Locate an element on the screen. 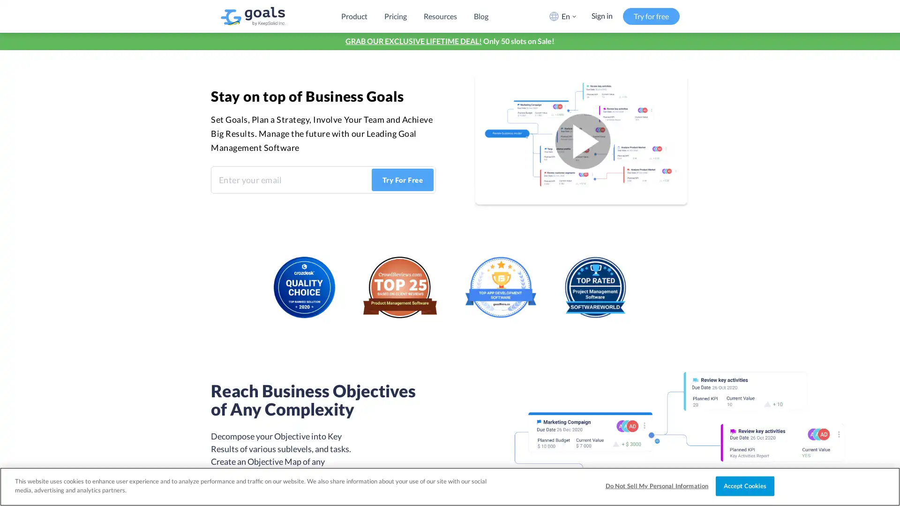  Do Not Sell My Personal Information is located at coordinates (656, 485).